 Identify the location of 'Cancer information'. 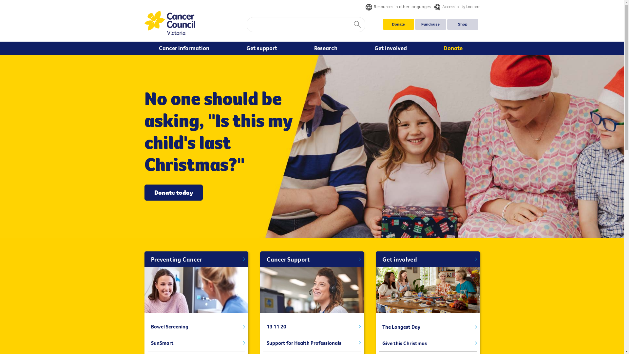
(185, 48).